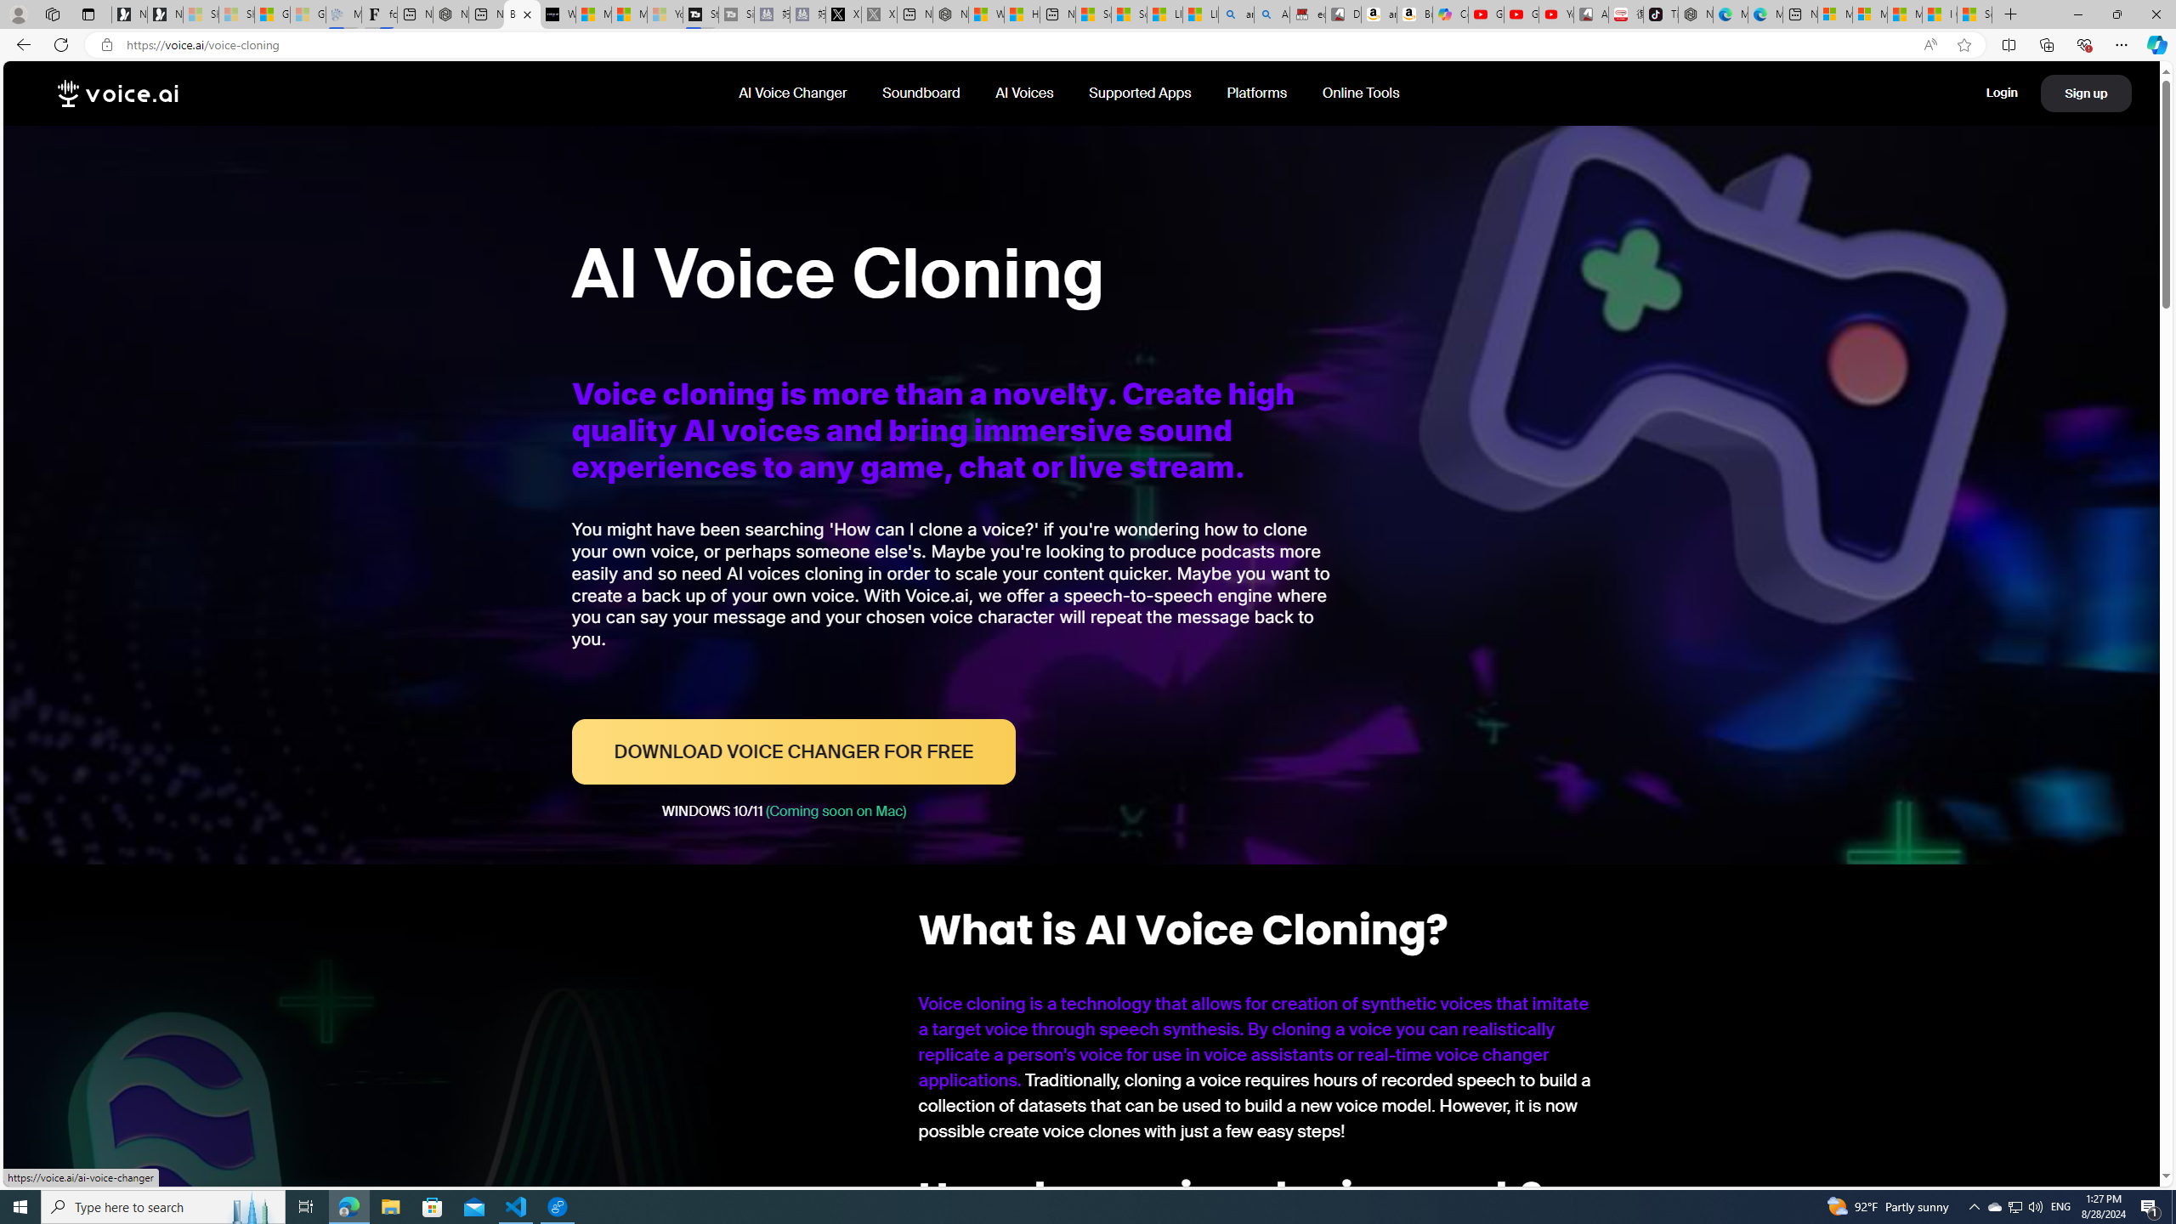  I want to click on 'Huge shark washes ashore at New York City beach | Watch', so click(1020, 14).